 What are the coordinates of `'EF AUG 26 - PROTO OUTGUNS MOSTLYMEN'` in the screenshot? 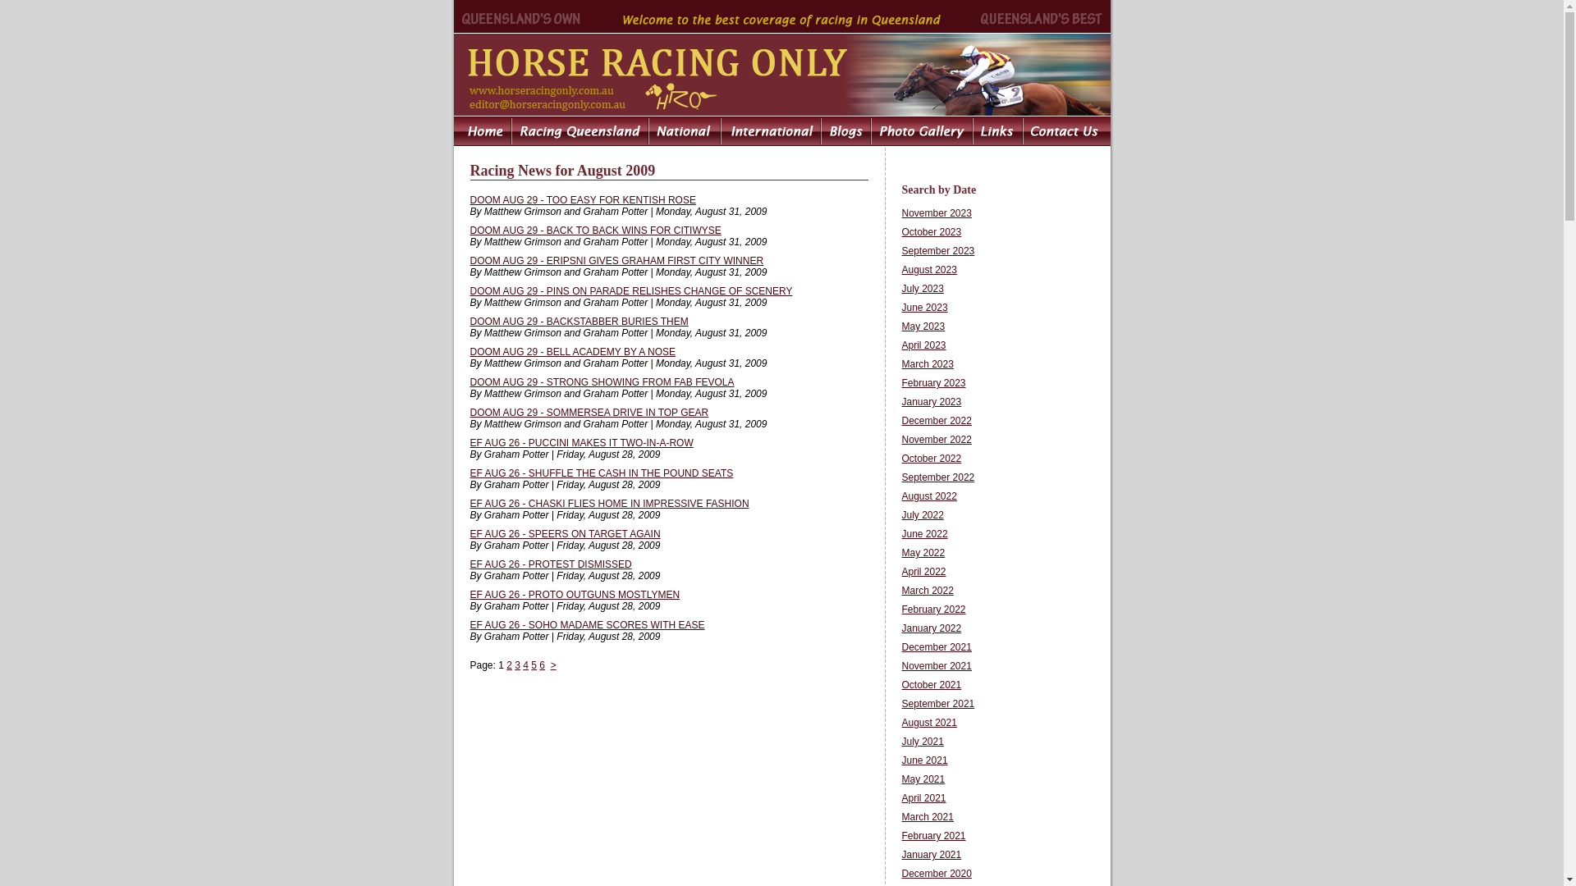 It's located at (468, 595).